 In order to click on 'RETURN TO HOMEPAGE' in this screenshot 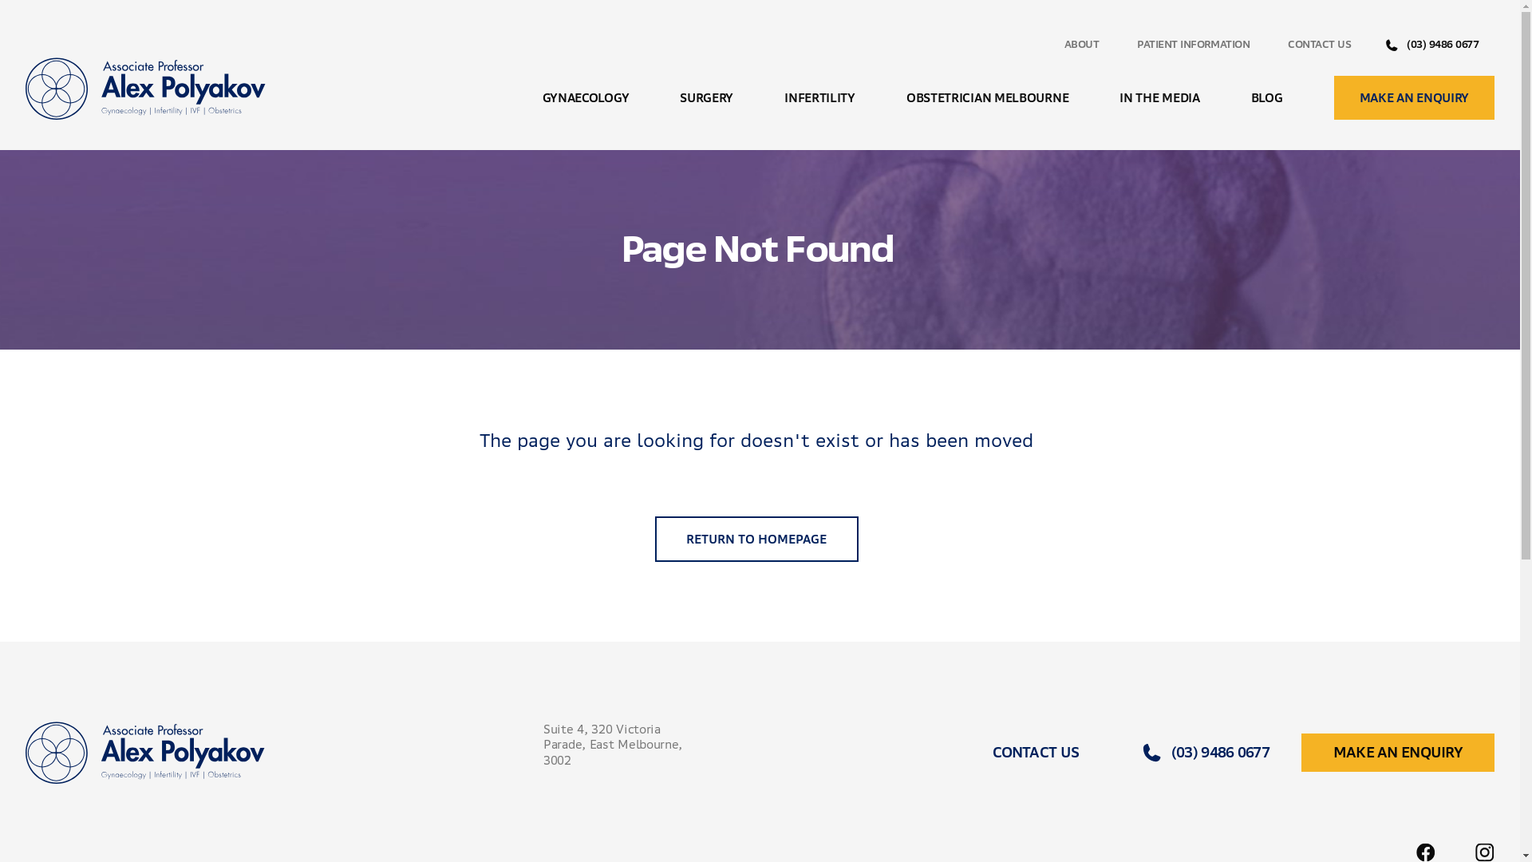, I will do `click(756, 539)`.